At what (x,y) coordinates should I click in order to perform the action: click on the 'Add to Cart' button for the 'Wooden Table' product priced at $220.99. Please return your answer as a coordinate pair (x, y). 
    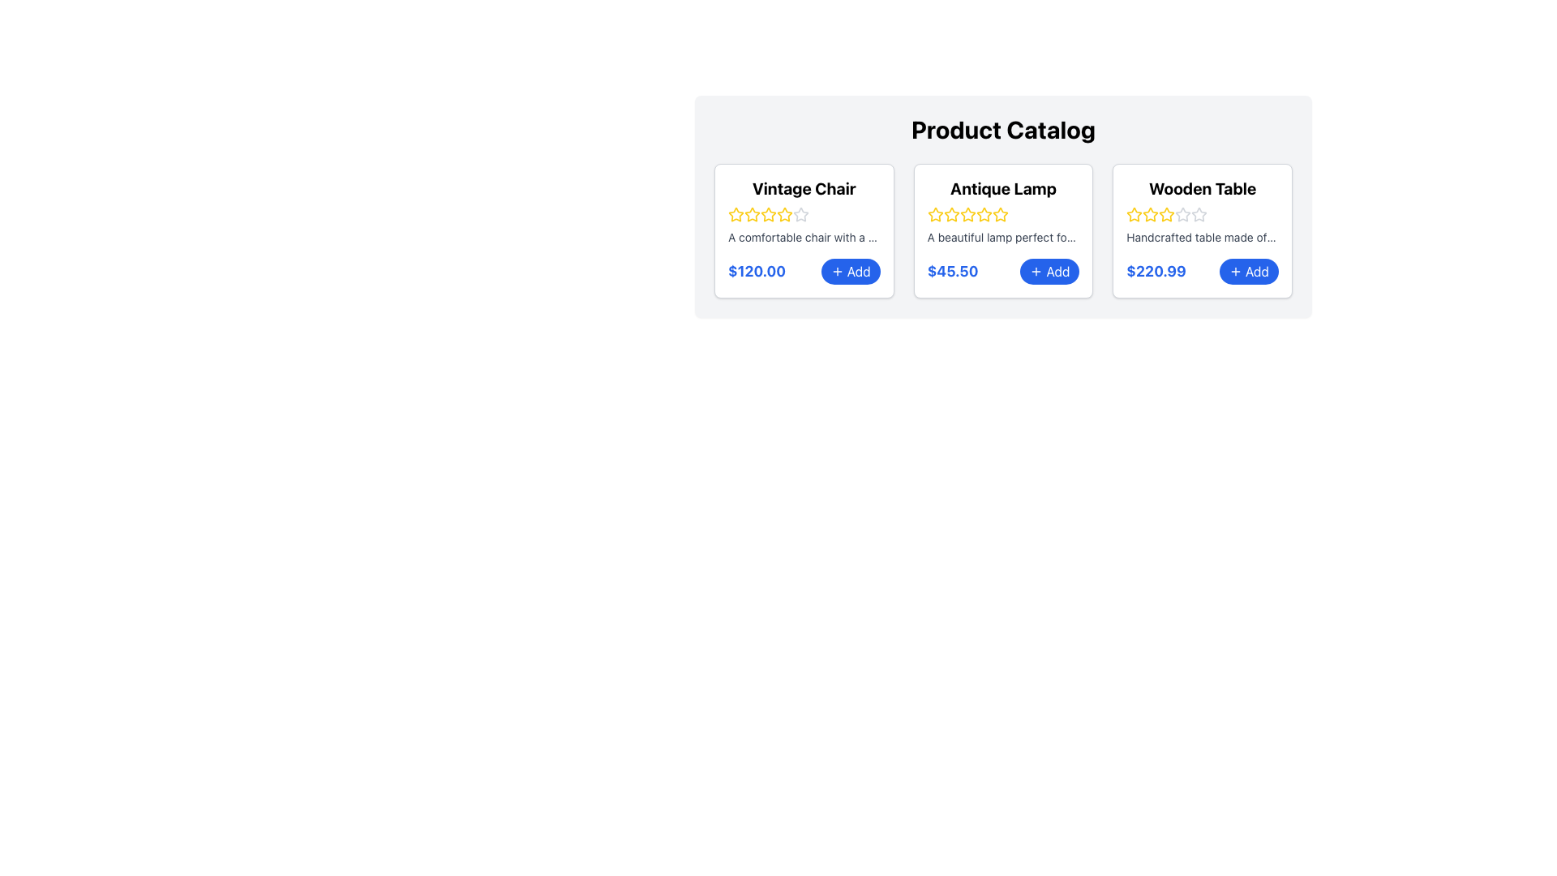
    Looking at the image, I should click on (1248, 271).